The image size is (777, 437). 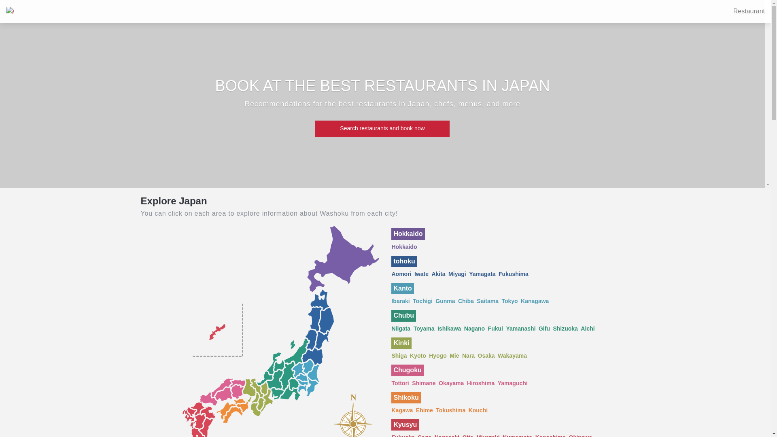 What do you see at coordinates (422, 301) in the screenshot?
I see `'Tochigi'` at bounding box center [422, 301].